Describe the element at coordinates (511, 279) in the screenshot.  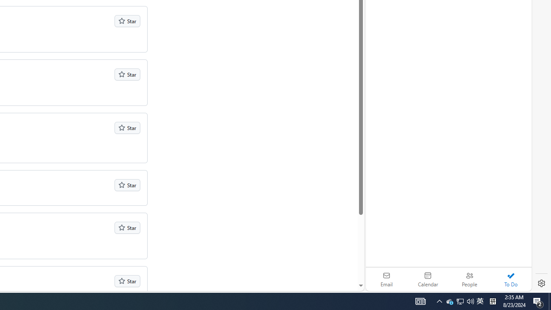
I see `'To Do'` at that location.